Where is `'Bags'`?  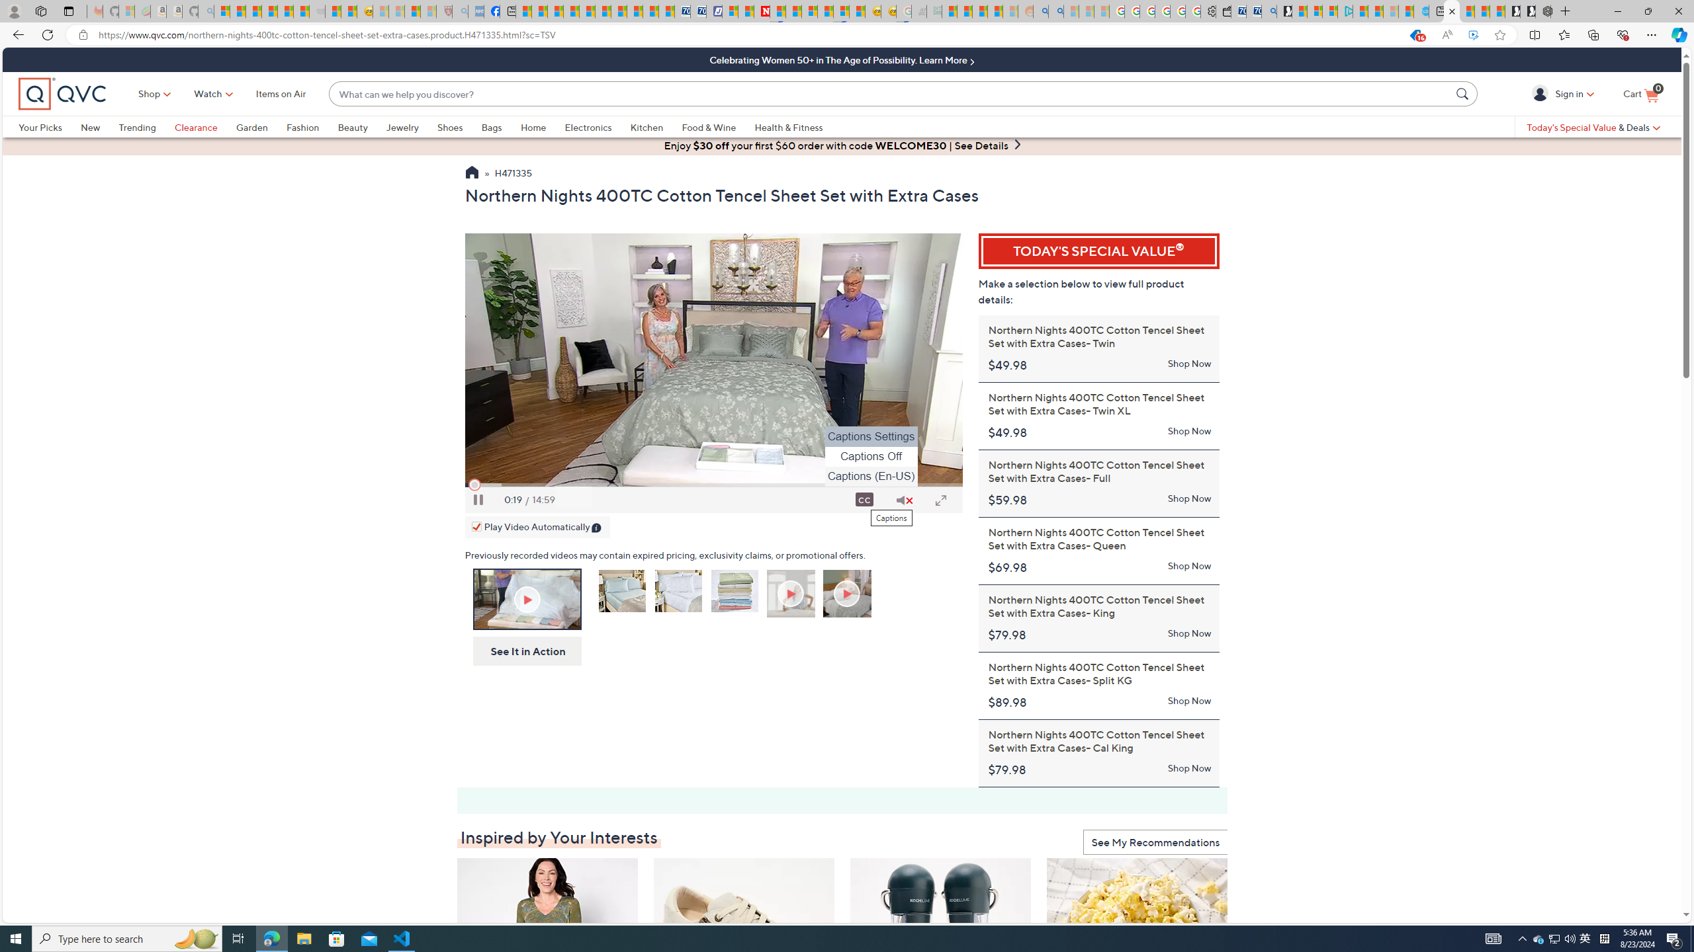 'Bags' is located at coordinates (500, 126).